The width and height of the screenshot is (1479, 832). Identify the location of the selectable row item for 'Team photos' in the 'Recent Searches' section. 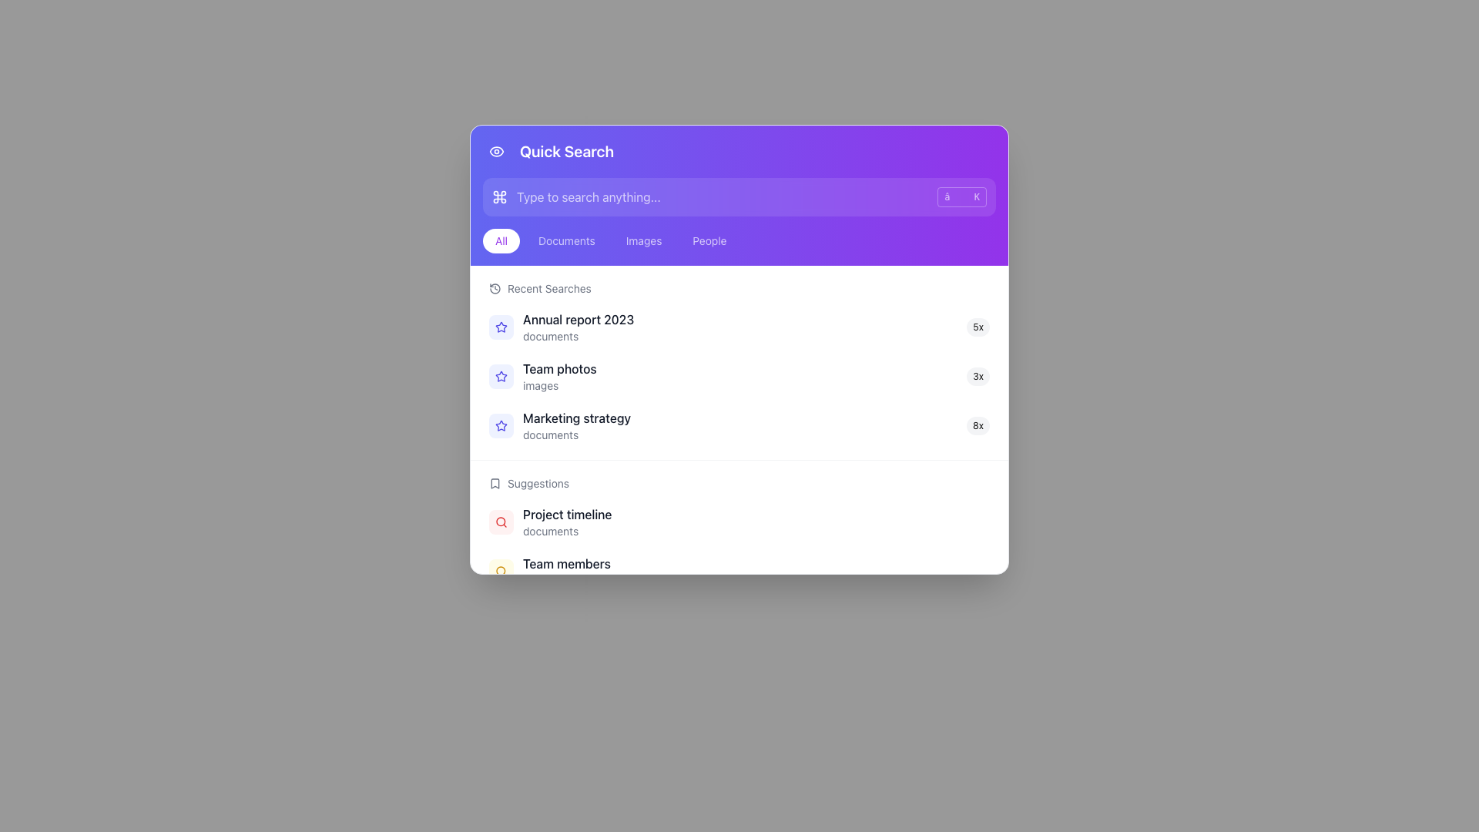
(739, 377).